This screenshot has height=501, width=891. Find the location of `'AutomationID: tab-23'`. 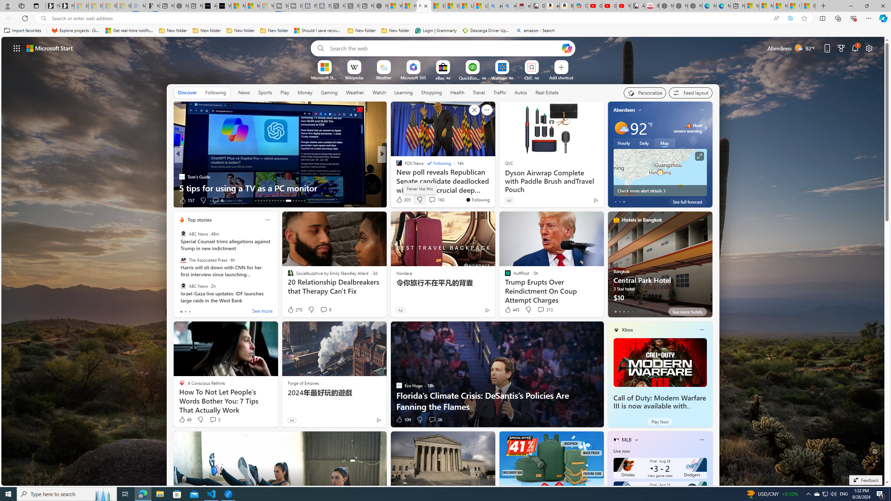

'AutomationID: tab-23' is located at coordinates (283, 201).